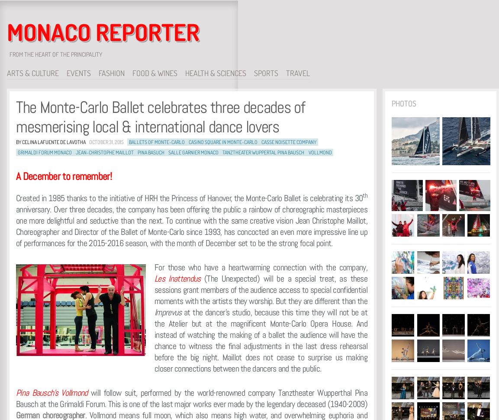 This screenshot has height=420, width=499. What do you see at coordinates (103, 152) in the screenshot?
I see `'Jean-Christophe Maillot'` at bounding box center [103, 152].